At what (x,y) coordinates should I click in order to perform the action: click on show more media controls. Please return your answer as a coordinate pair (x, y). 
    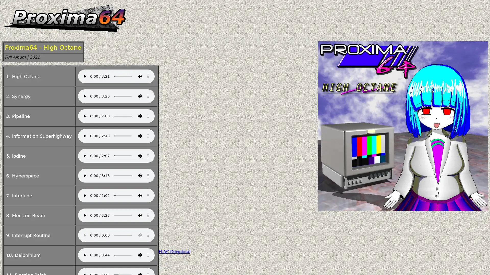
    Looking at the image, I should click on (148, 116).